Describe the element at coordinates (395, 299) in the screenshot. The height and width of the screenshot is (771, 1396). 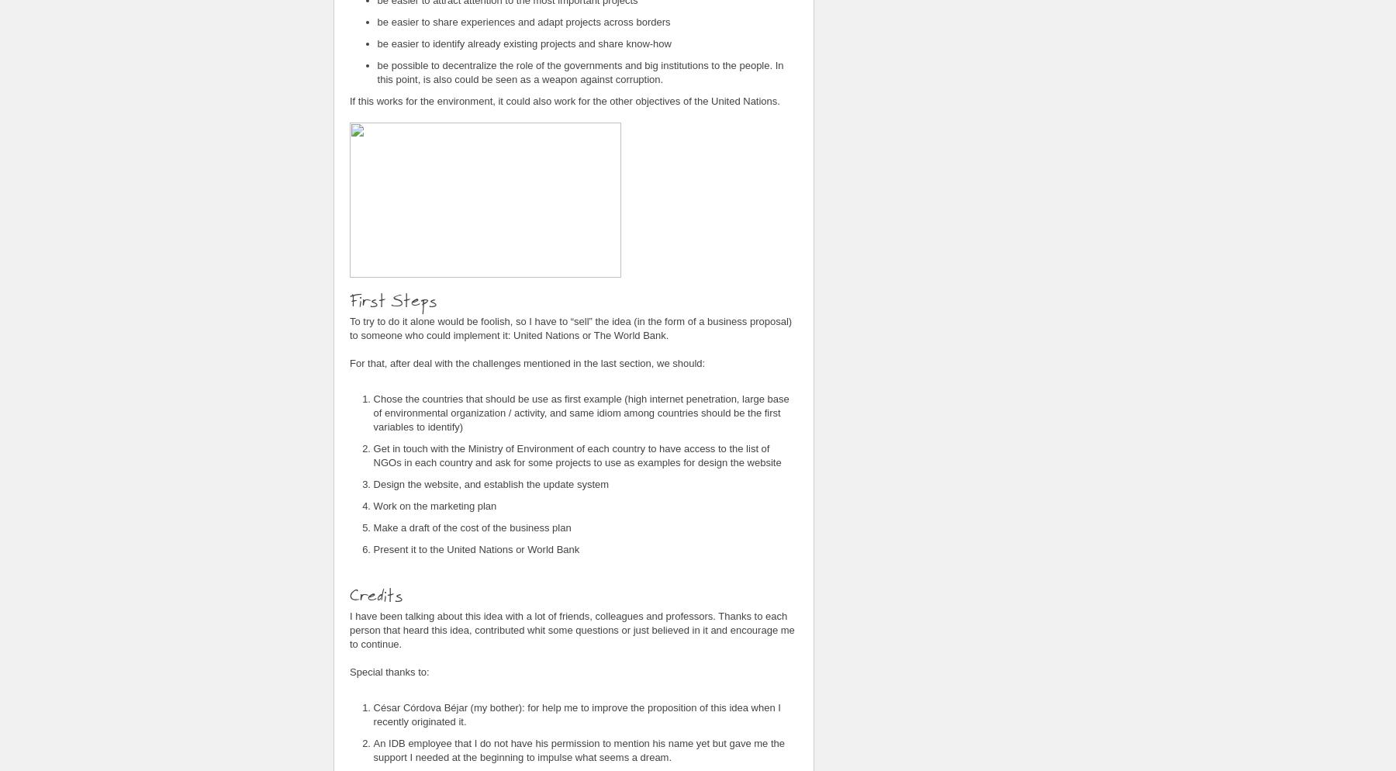
I see `'First Steps'` at that location.